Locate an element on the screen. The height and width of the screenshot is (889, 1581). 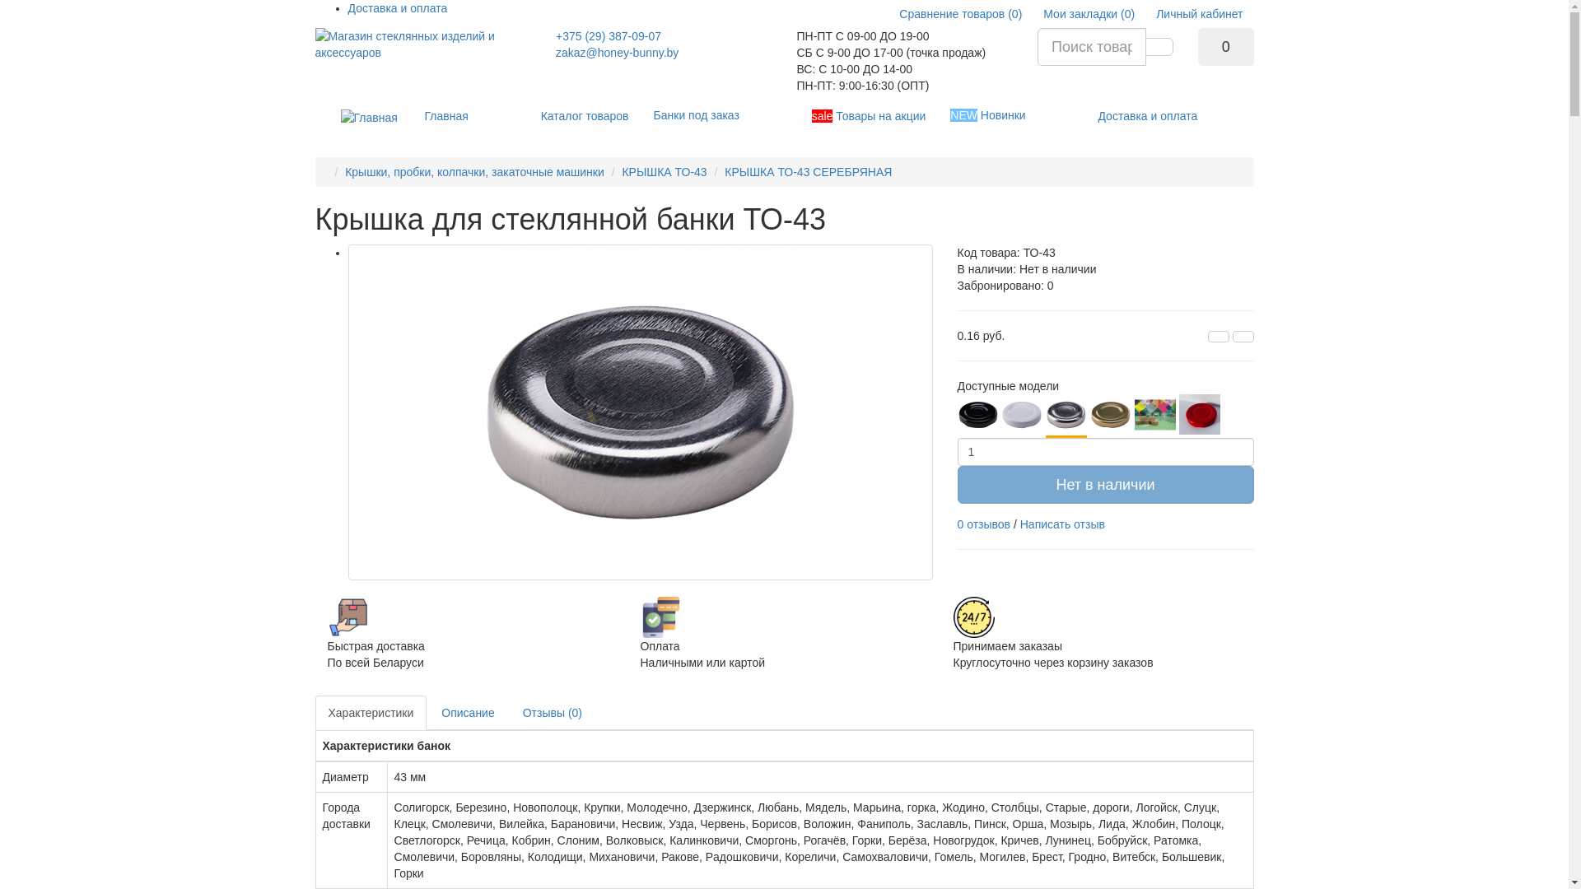
'Sale' is located at coordinates (973, 617).